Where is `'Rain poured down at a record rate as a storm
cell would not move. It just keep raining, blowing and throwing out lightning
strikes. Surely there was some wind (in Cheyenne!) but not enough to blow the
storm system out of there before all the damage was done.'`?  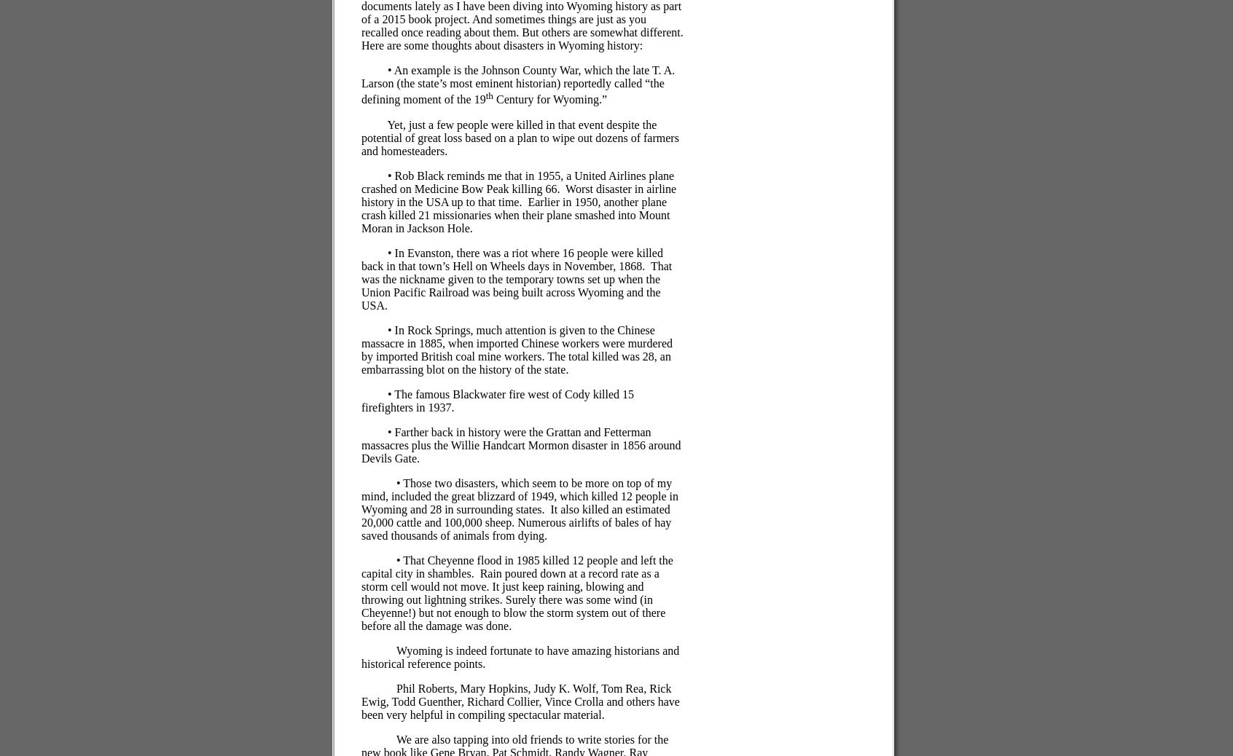 'Rain poured down at a record rate as a storm
cell would not move. It just keep raining, blowing and throwing out lightning
strikes. Surely there was some wind (in Cheyenne!) but not enough to blow the
storm system out of there before all the damage was done.' is located at coordinates (513, 599).